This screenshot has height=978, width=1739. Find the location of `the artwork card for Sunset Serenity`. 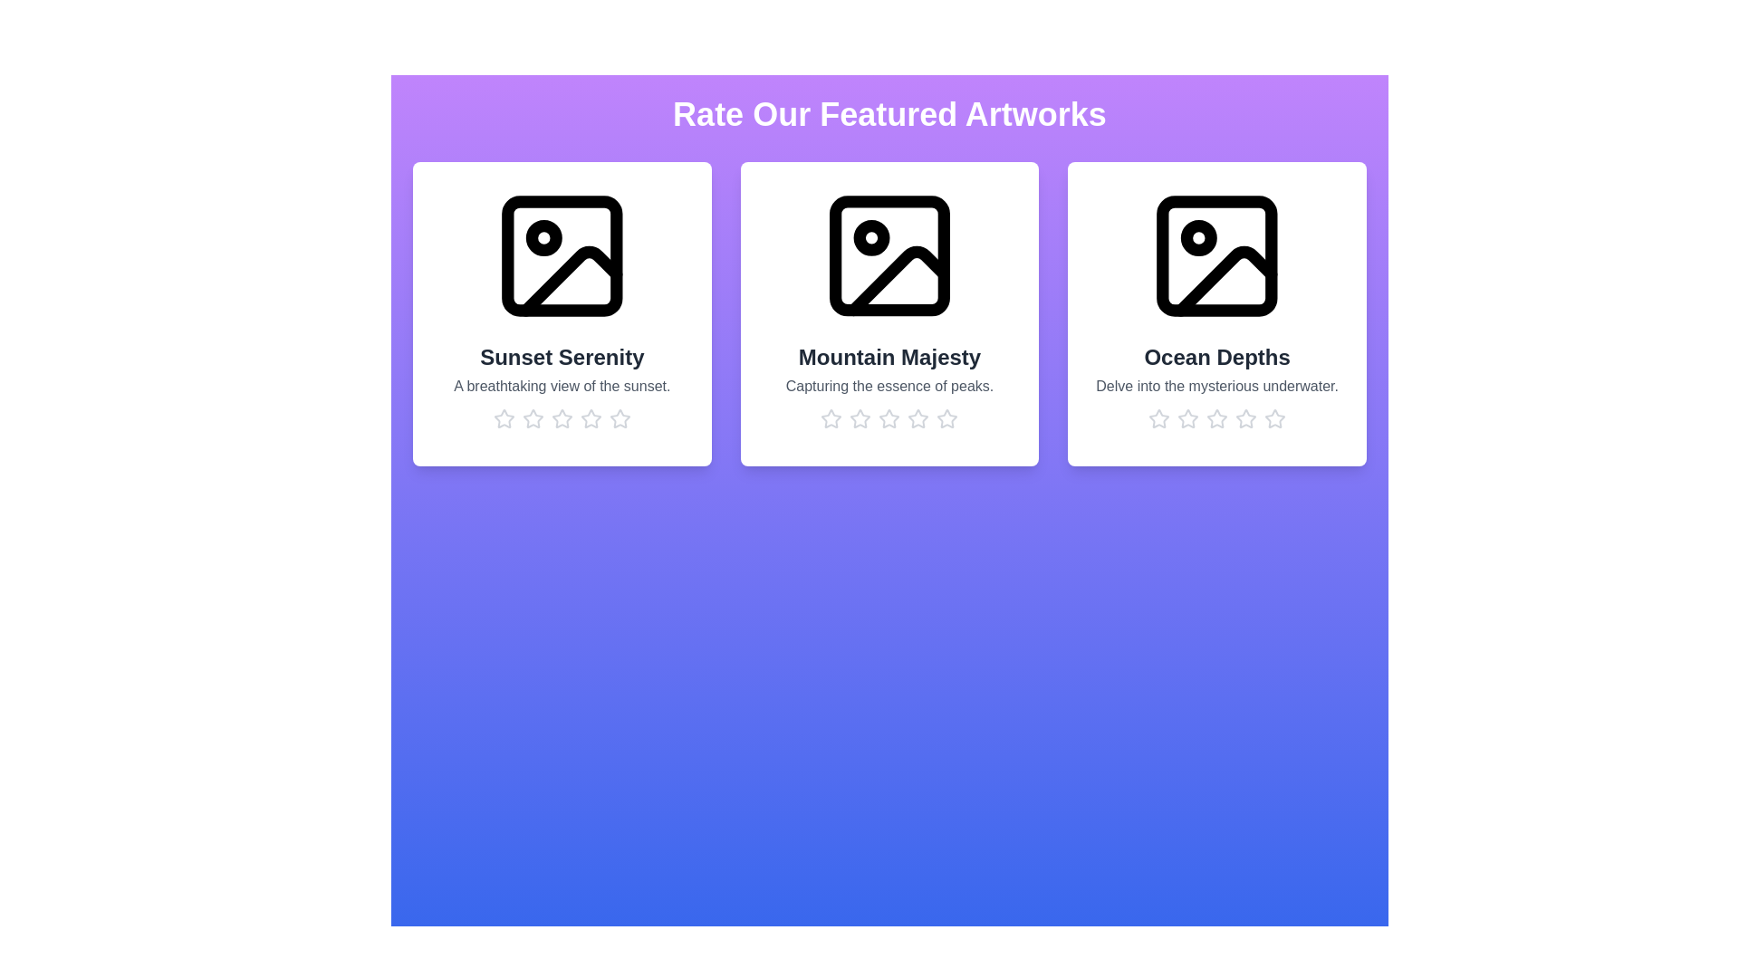

the artwork card for Sunset Serenity is located at coordinates (560, 313).